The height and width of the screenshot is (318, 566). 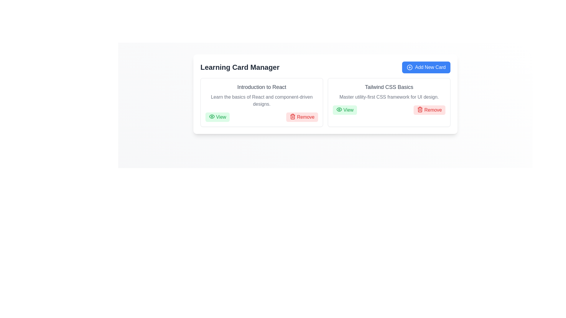 I want to click on the green rounded button labeled 'View' with an eye icon located in the bottom-left corner of the 'Introduction to React' card, so click(x=217, y=117).